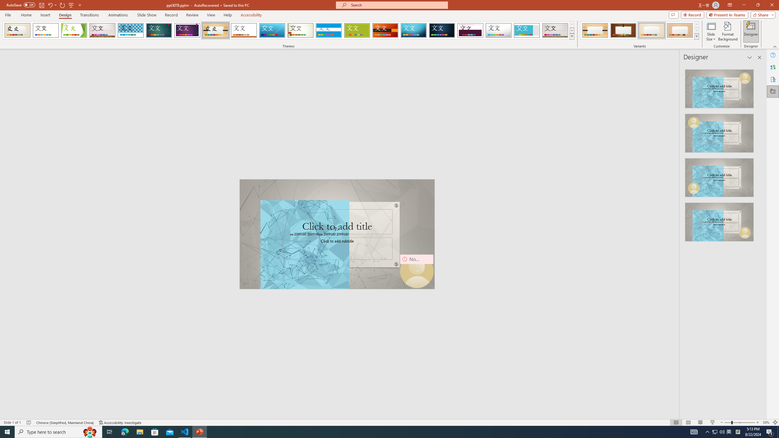 Image resolution: width=779 pixels, height=438 pixels. What do you see at coordinates (595, 30) in the screenshot?
I see `'Organic Variant 1'` at bounding box center [595, 30].